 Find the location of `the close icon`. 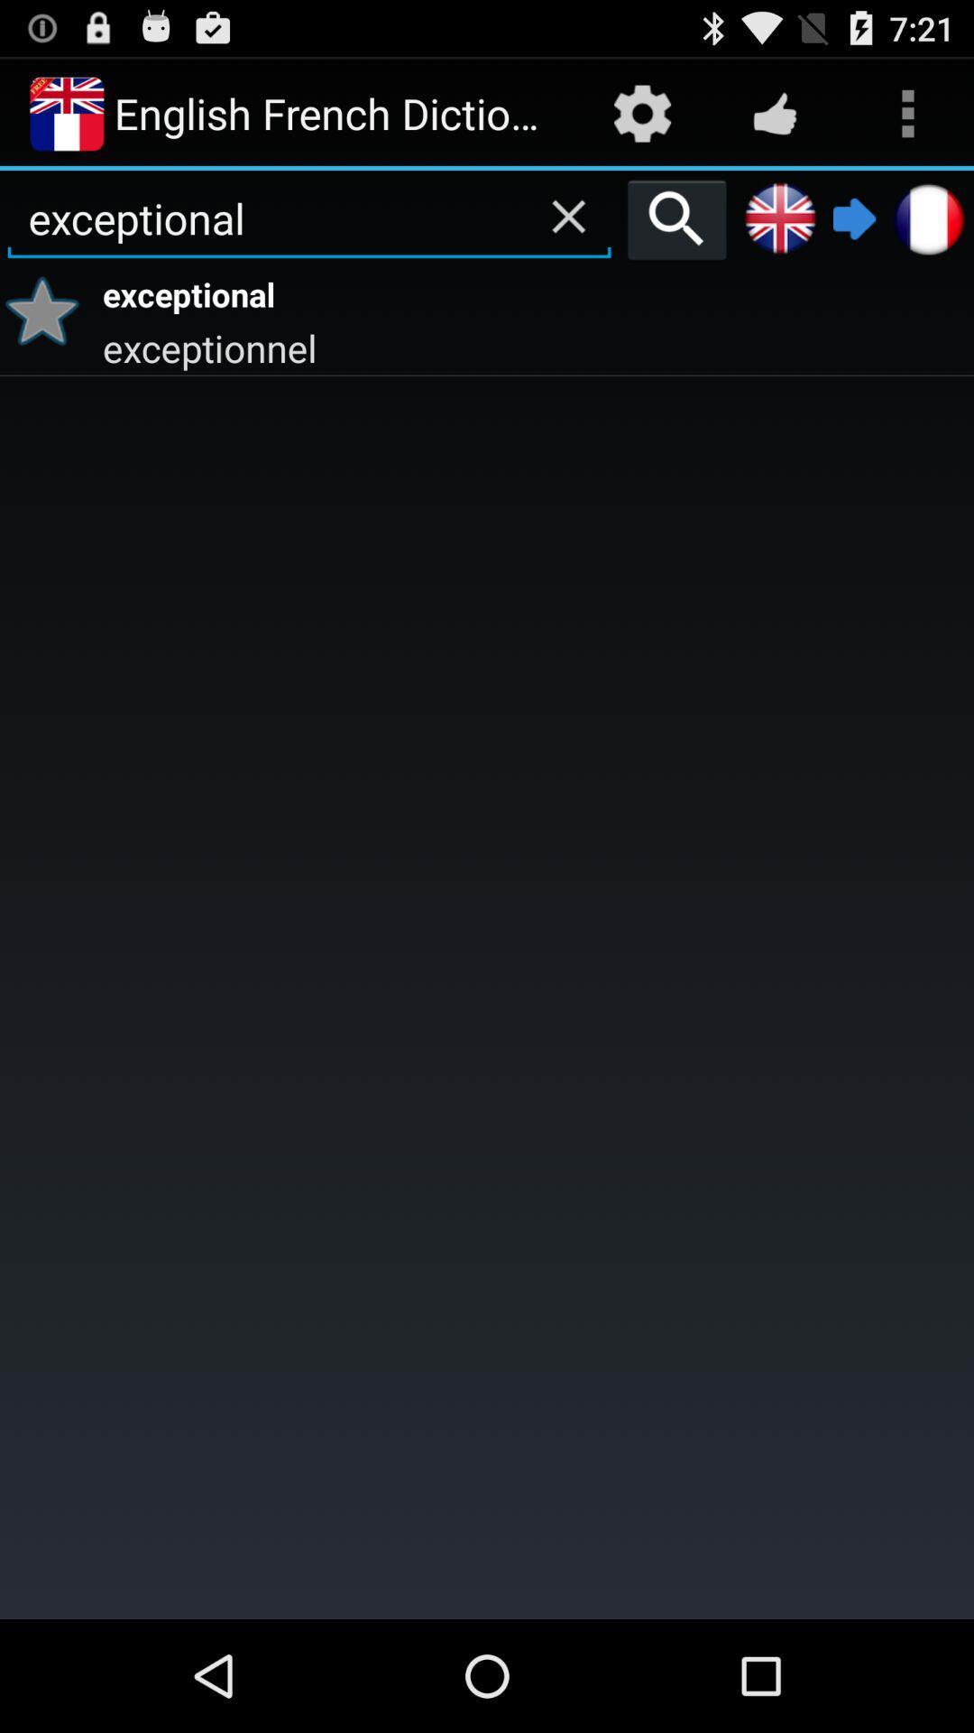

the close icon is located at coordinates (568, 230).